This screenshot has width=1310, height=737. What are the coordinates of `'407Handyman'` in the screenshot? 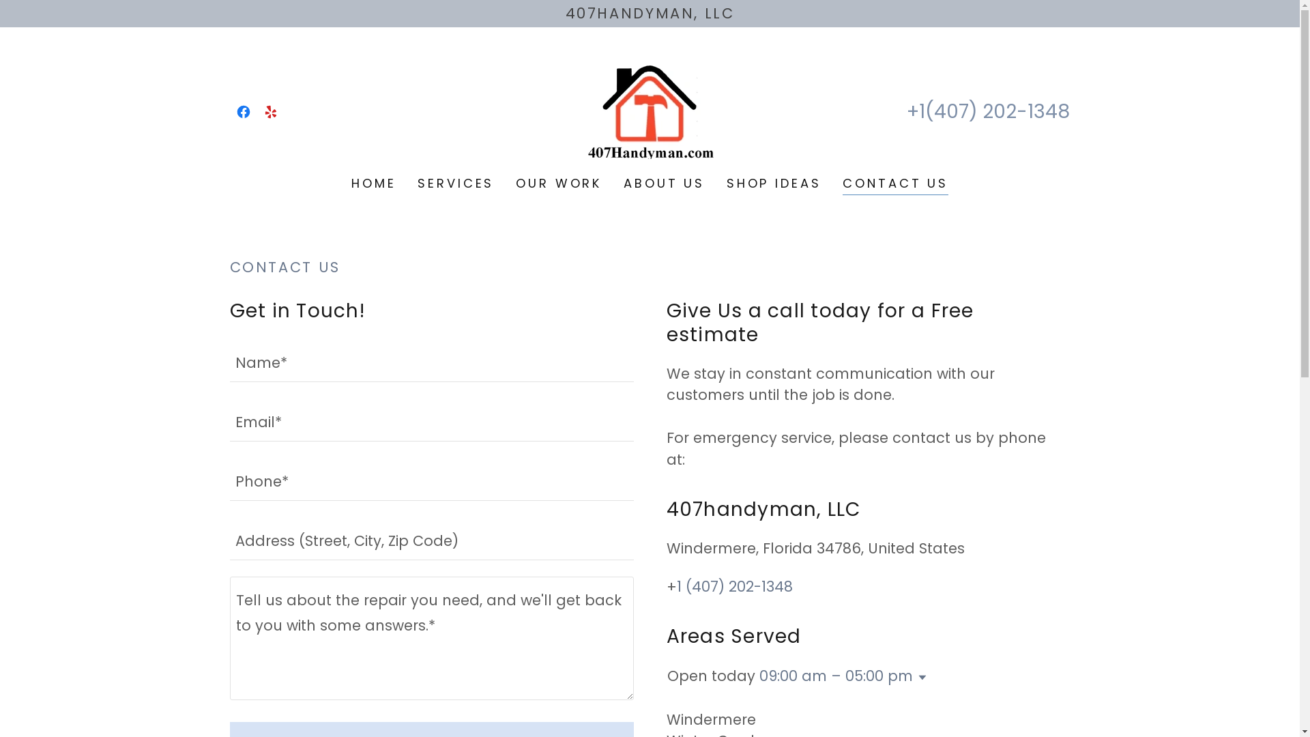 It's located at (649, 110).